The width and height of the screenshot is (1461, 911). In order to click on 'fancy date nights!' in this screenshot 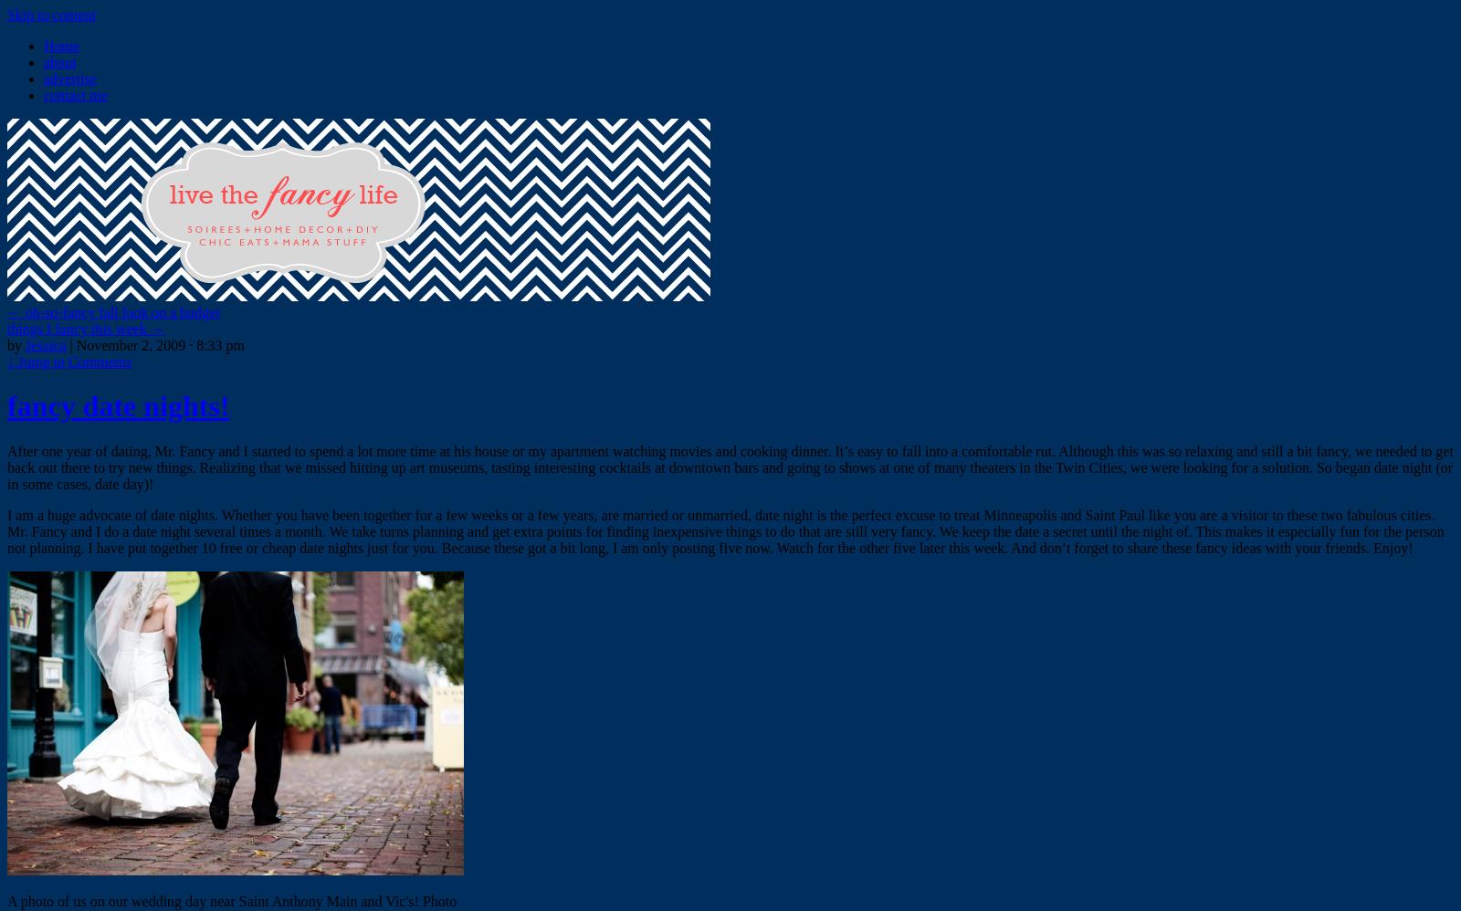, I will do `click(117, 406)`.